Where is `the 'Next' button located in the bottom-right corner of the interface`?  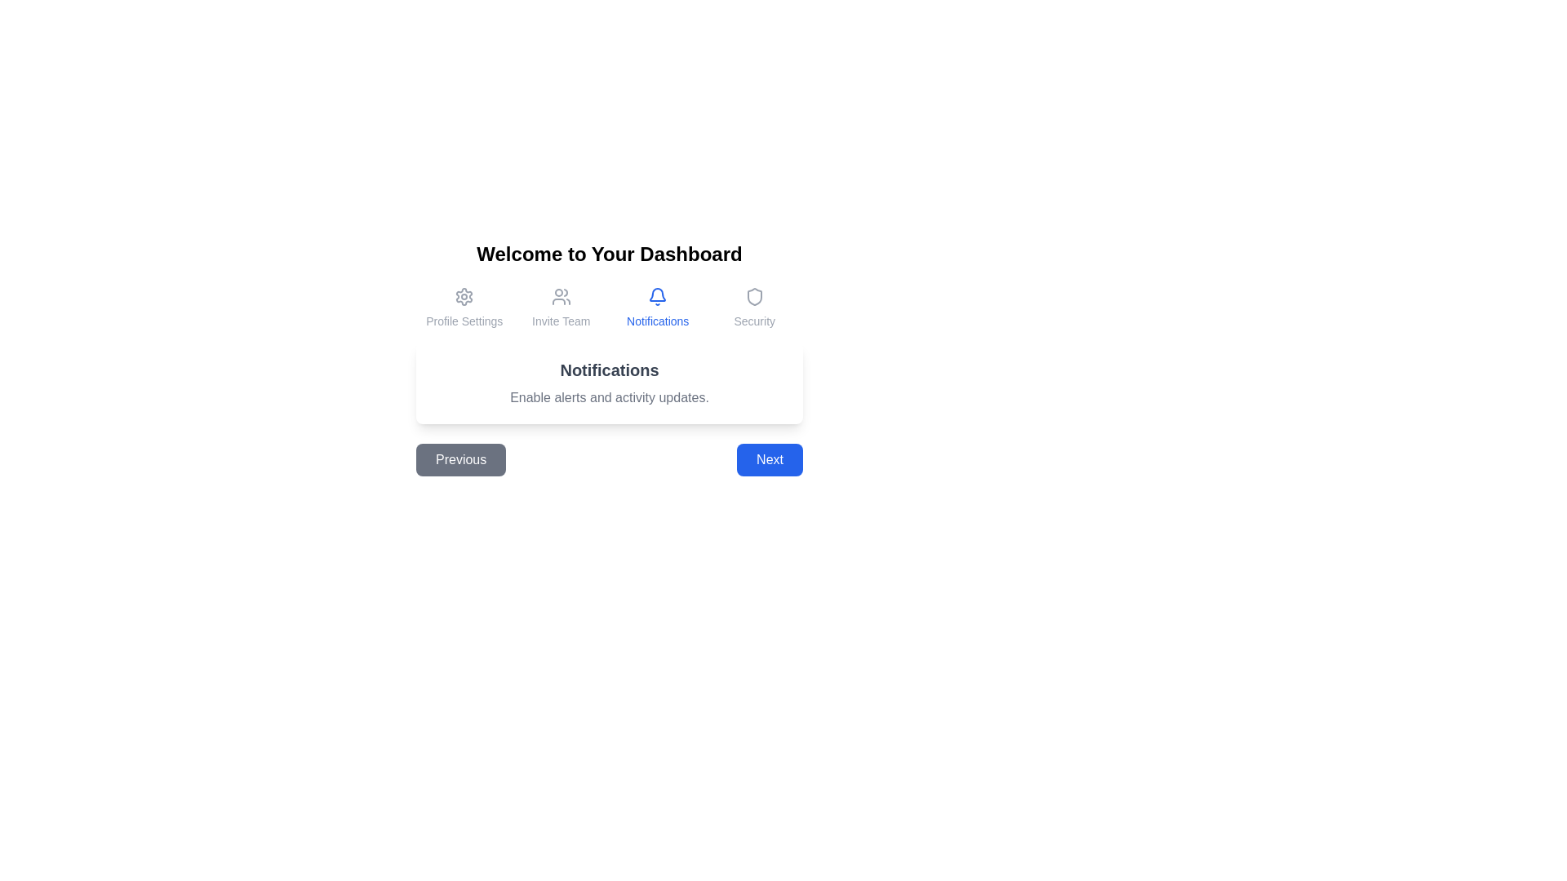 the 'Next' button located in the bottom-right corner of the interface is located at coordinates (769, 459).